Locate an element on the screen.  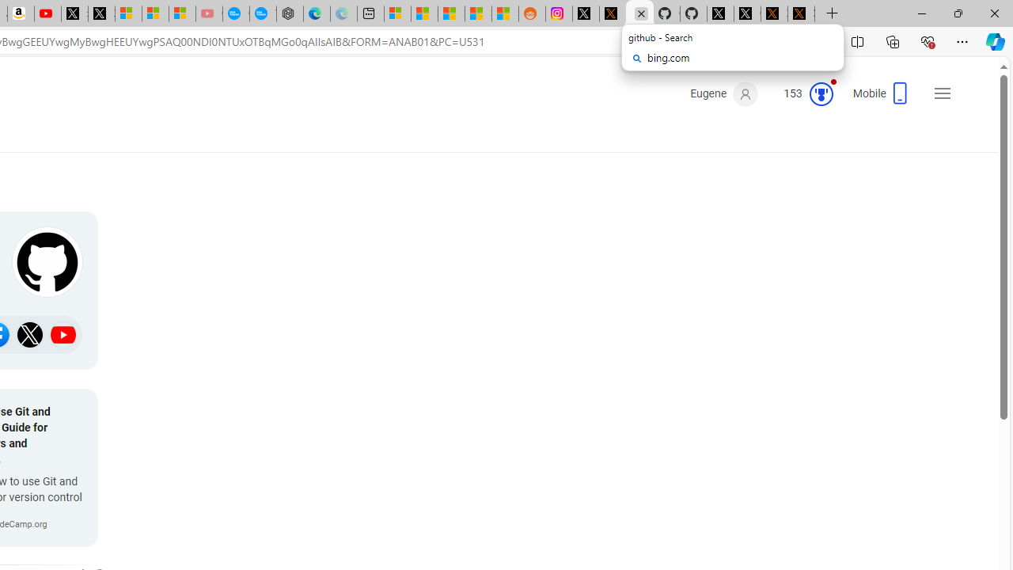
'Settings and more (Alt+F)' is located at coordinates (962, 40).